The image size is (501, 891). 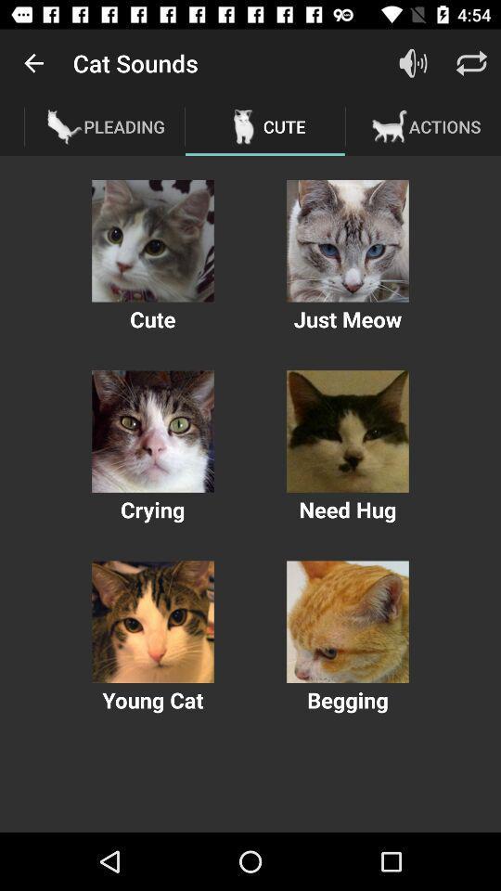 I want to click on the cute option, so click(x=152, y=239).